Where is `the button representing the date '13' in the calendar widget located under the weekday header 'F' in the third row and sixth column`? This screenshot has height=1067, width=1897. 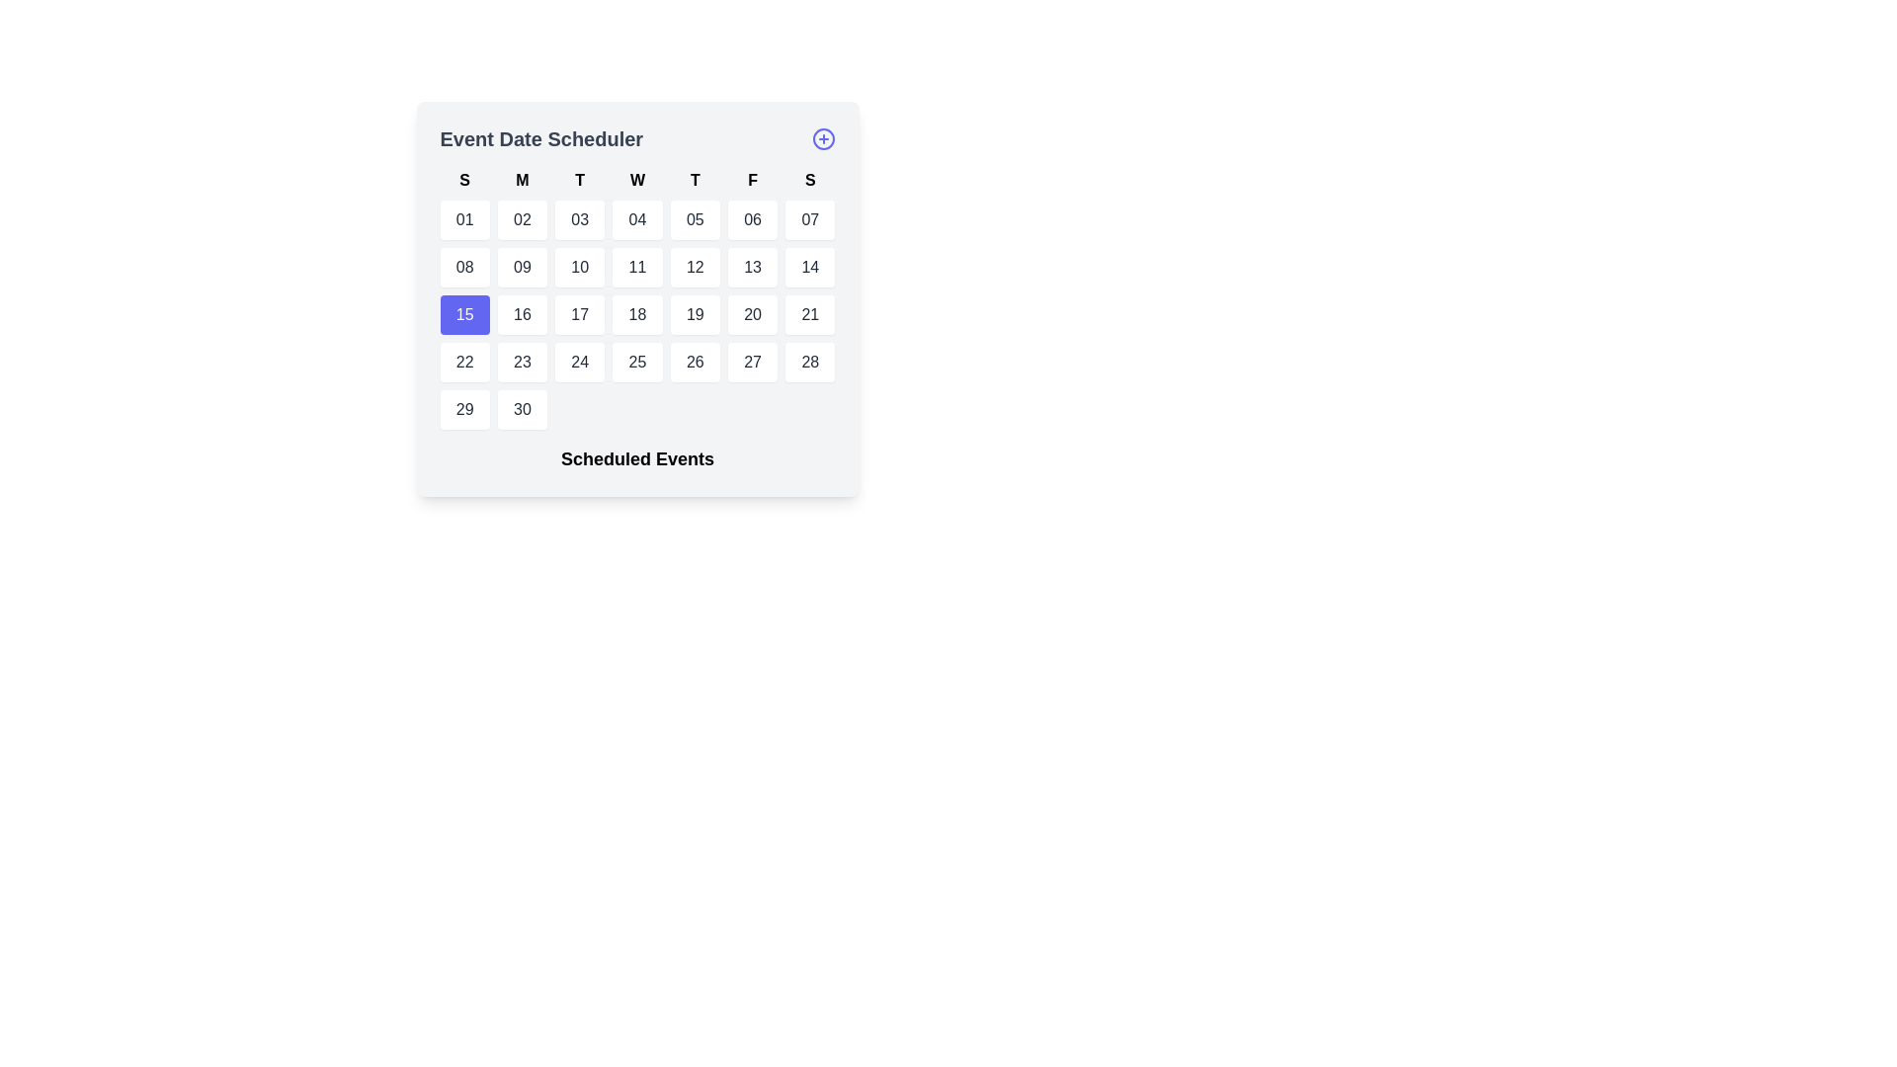 the button representing the date '13' in the calendar widget located under the weekday header 'F' in the third row and sixth column is located at coordinates (752, 267).